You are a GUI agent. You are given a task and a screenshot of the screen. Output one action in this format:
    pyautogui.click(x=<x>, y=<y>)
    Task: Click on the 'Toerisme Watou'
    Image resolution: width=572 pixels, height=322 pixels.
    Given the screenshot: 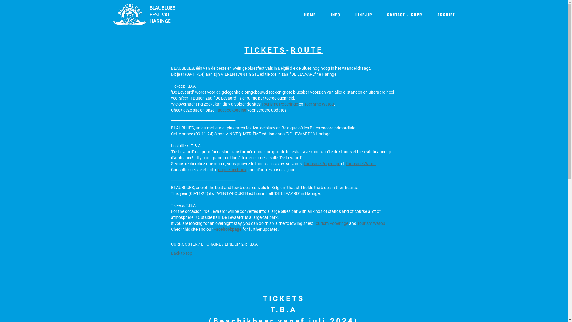 What is the action you would take?
    pyautogui.click(x=318, y=103)
    